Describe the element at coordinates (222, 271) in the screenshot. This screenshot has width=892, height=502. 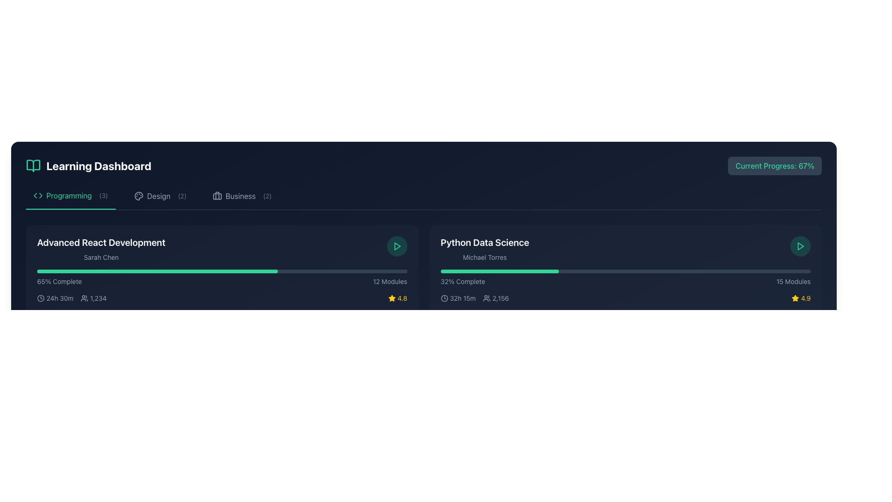
I see `the horizontal progress bar located in the central portion of the 'Python Data Science' module card, indicating progress with a green-filled section above the text '65% Complete' and '12 Modules'` at that location.